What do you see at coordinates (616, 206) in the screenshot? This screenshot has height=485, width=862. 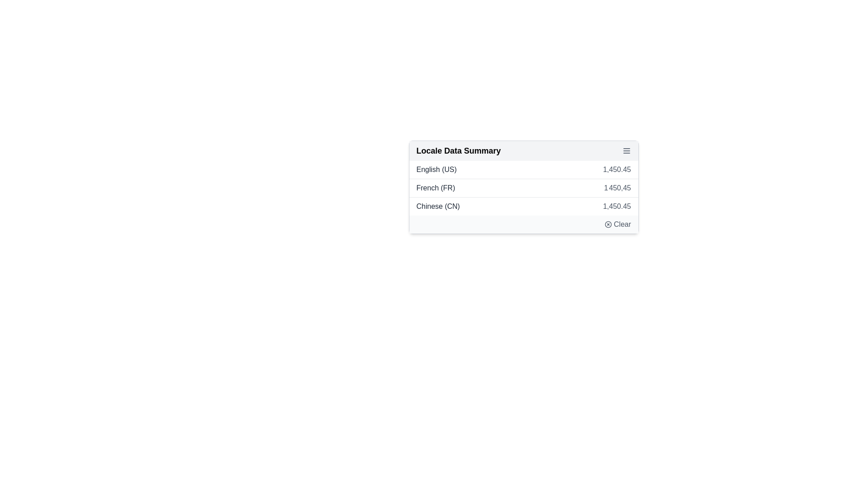 I see `the static text label displaying the numeric value '1,450.45', which is styled with a light gray font color and is located on the right-hand side of the row associated with 'Chinese (CN)'` at bounding box center [616, 206].